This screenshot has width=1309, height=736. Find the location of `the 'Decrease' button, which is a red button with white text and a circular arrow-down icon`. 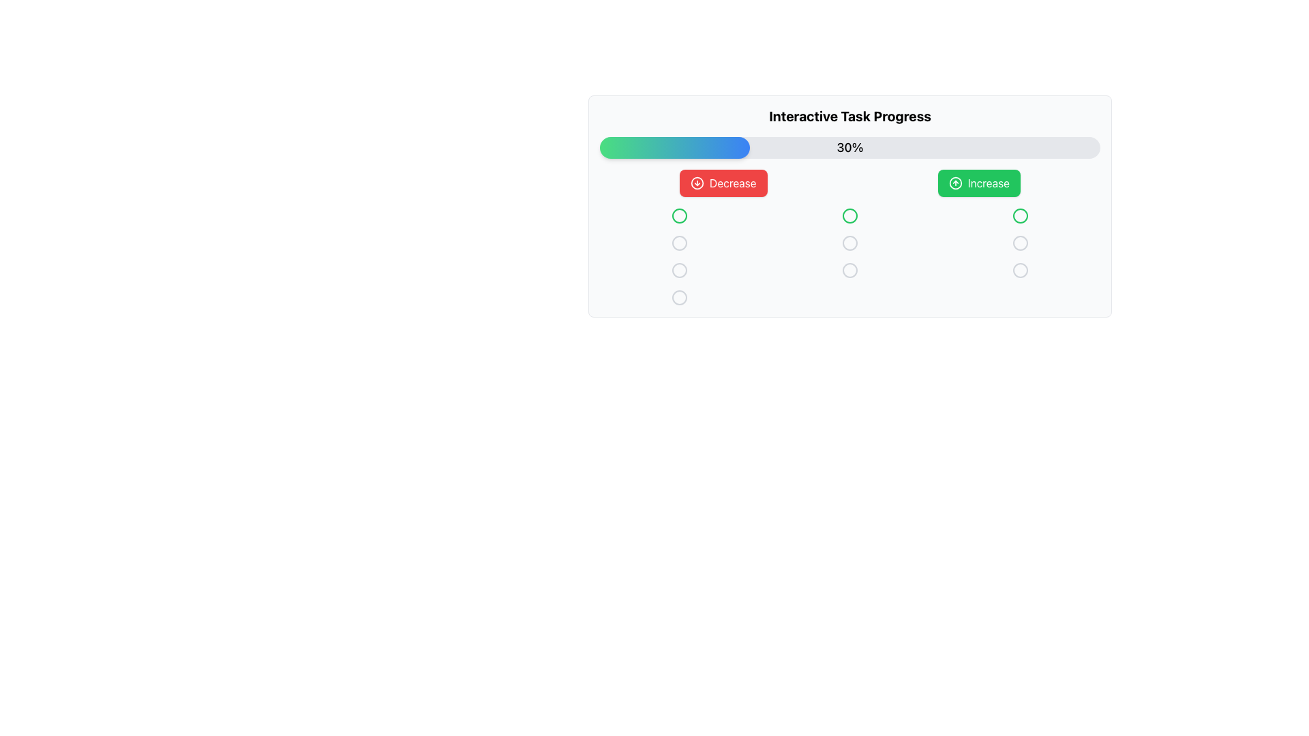

the 'Decrease' button, which is a red button with white text and a circular arrow-down icon is located at coordinates (723, 183).